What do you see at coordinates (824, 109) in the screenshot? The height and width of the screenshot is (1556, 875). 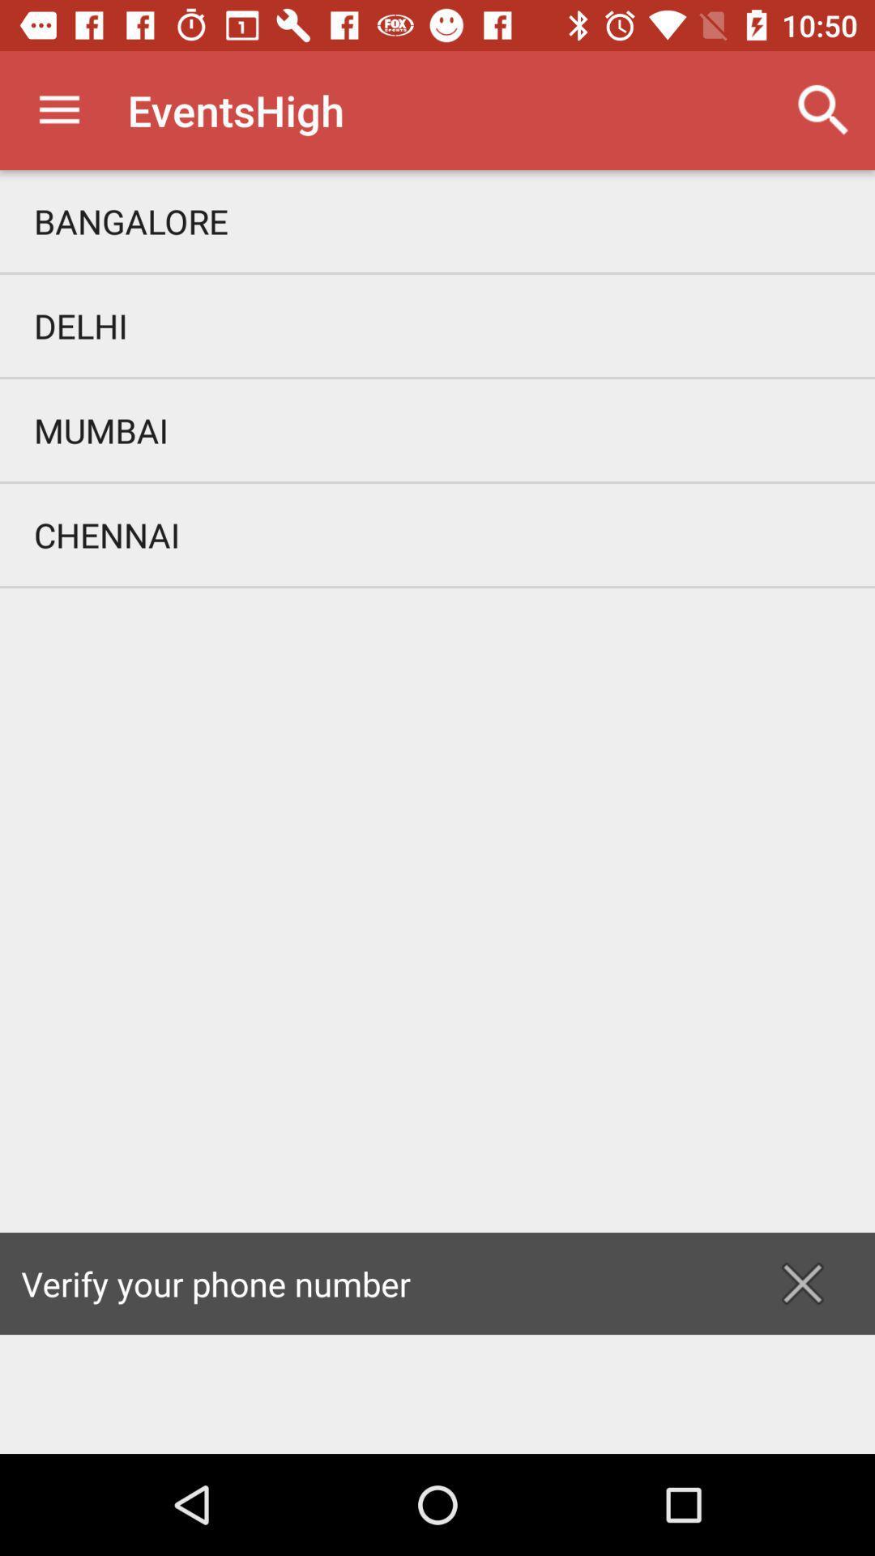 I see `icon to the right of the eventshigh app` at bounding box center [824, 109].